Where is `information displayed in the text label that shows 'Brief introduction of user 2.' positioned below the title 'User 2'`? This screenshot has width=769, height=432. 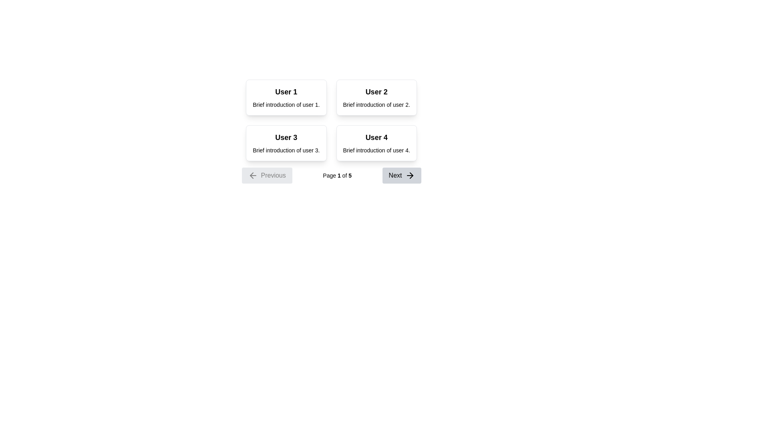 information displayed in the text label that shows 'Brief introduction of user 2.' positioned below the title 'User 2' is located at coordinates (376, 104).